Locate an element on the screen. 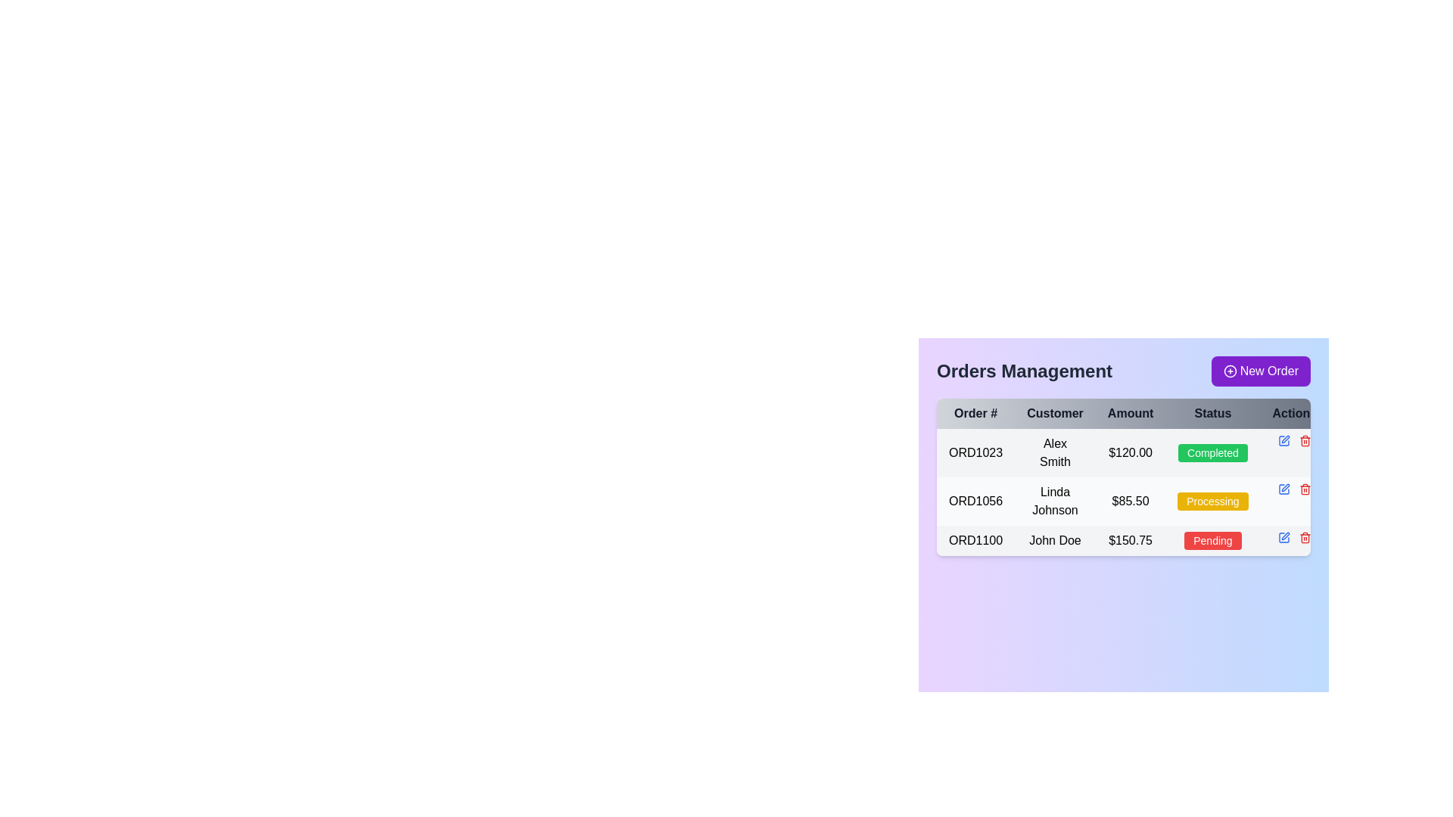  the 'New Order' button with a purple background and white text located on the right side of the 'Orders Management' bar to change its background color to a darker purple is located at coordinates (1261, 371).